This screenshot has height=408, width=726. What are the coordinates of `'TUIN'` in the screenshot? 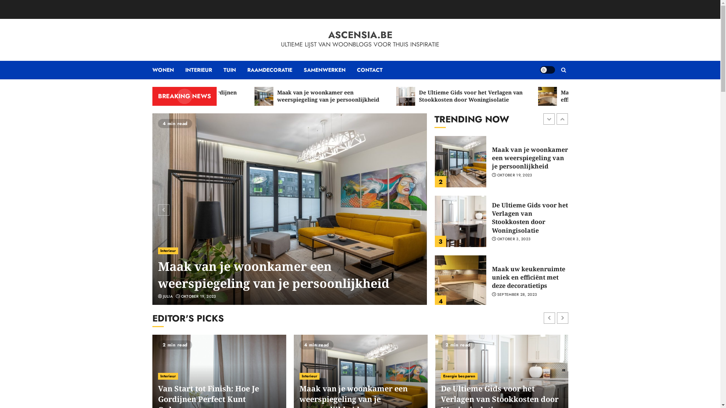 It's located at (234, 70).